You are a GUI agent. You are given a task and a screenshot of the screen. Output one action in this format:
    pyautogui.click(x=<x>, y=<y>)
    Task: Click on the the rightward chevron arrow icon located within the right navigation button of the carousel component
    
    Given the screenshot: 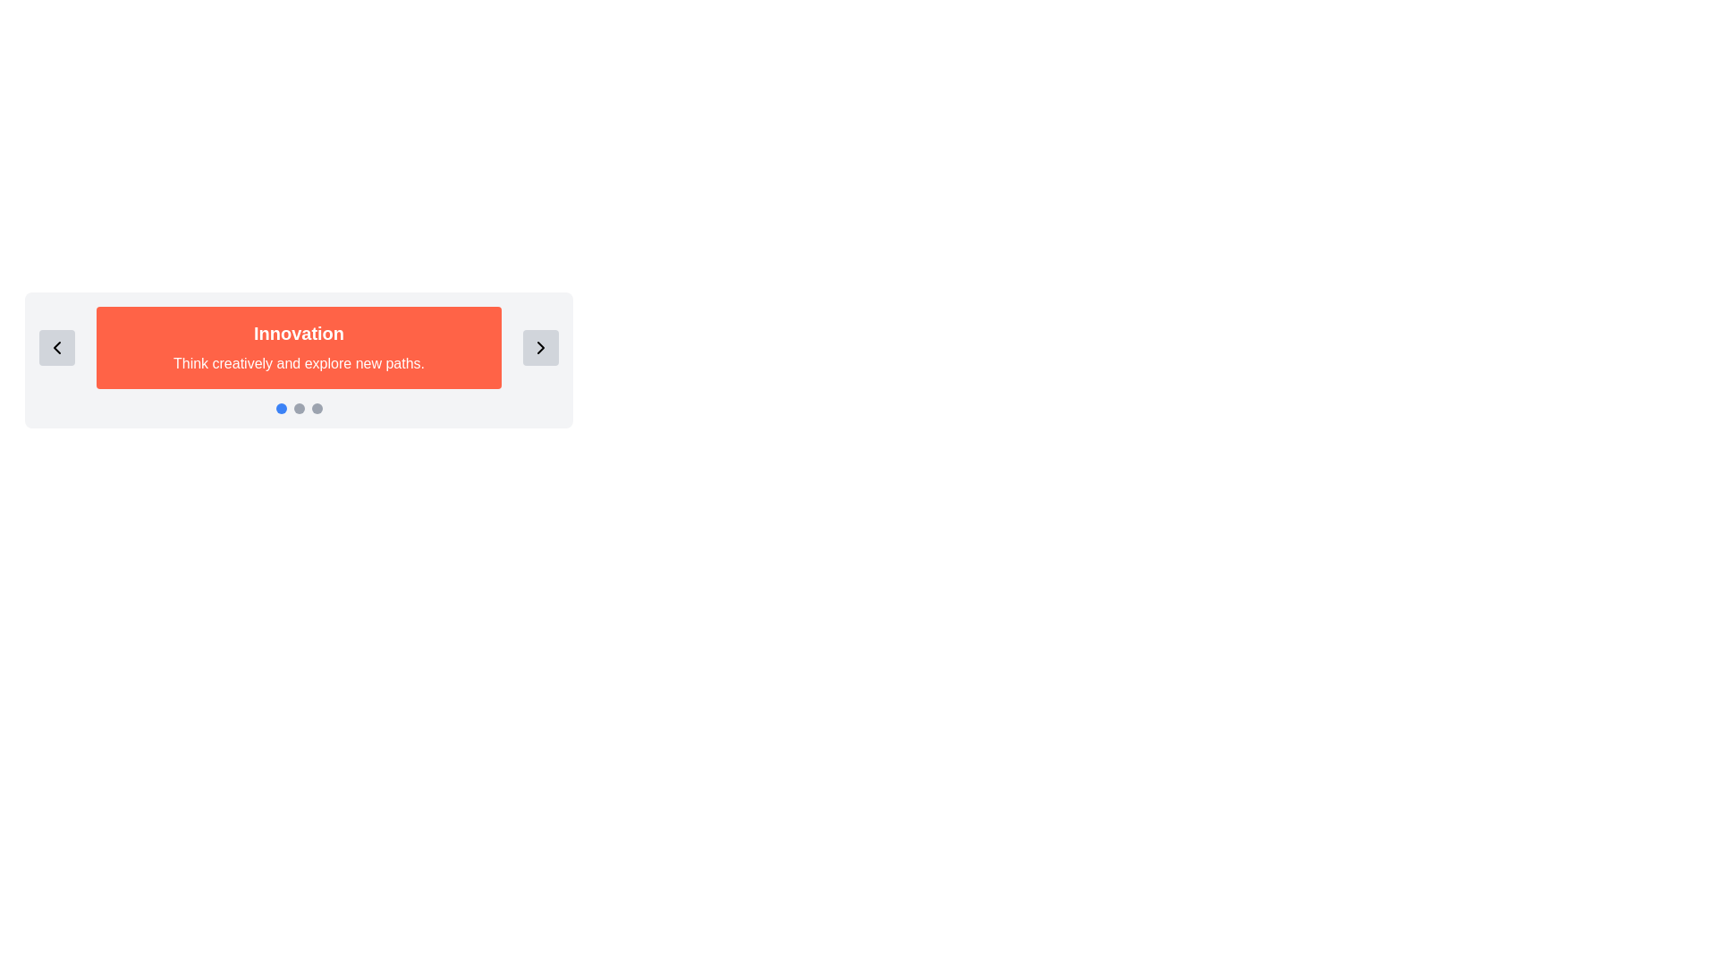 What is the action you would take?
    pyautogui.click(x=539, y=348)
    